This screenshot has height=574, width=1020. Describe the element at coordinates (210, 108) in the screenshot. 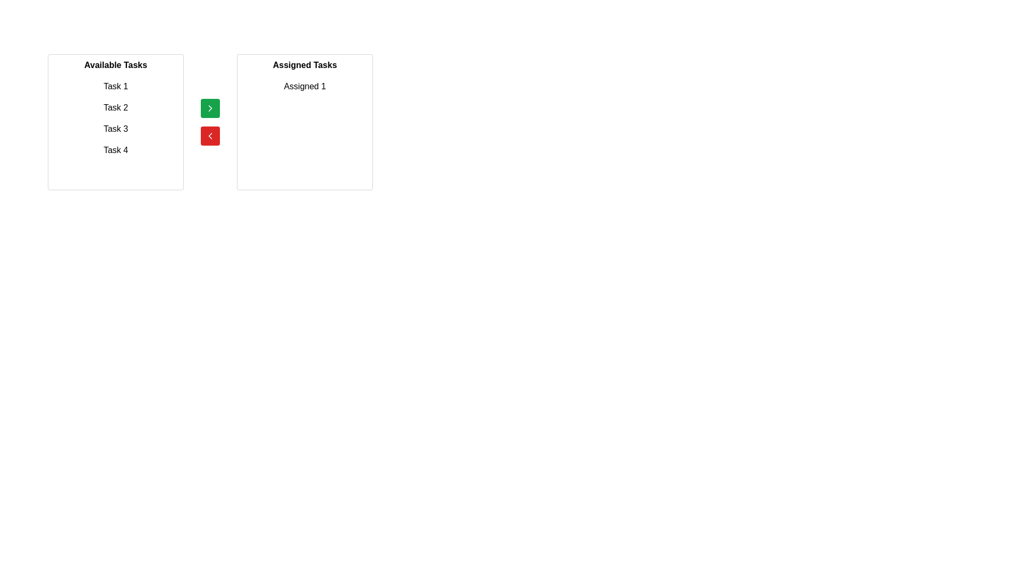

I see `the button that moves items from 'Available Tasks' to 'Assigned Tasks'` at that location.